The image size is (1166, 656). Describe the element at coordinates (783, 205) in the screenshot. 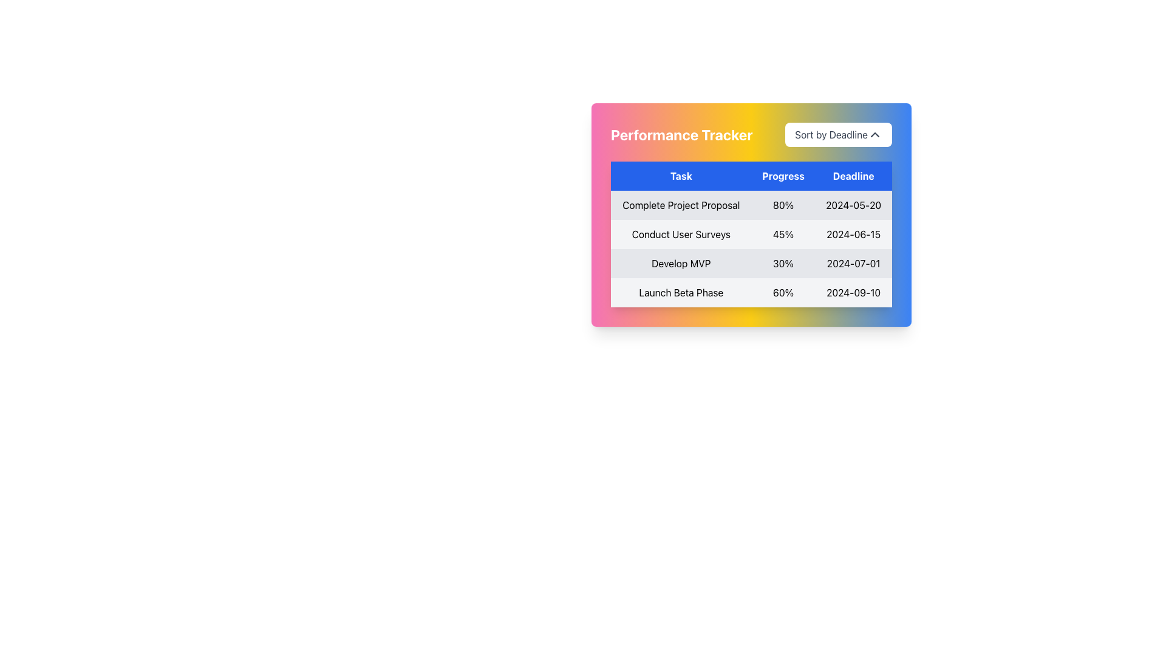

I see `the progress percentage text label for the task 'Complete Project Proposal' located in the second column of the first row under the 'Progress' header in the 'Performance Tracker' table` at that location.